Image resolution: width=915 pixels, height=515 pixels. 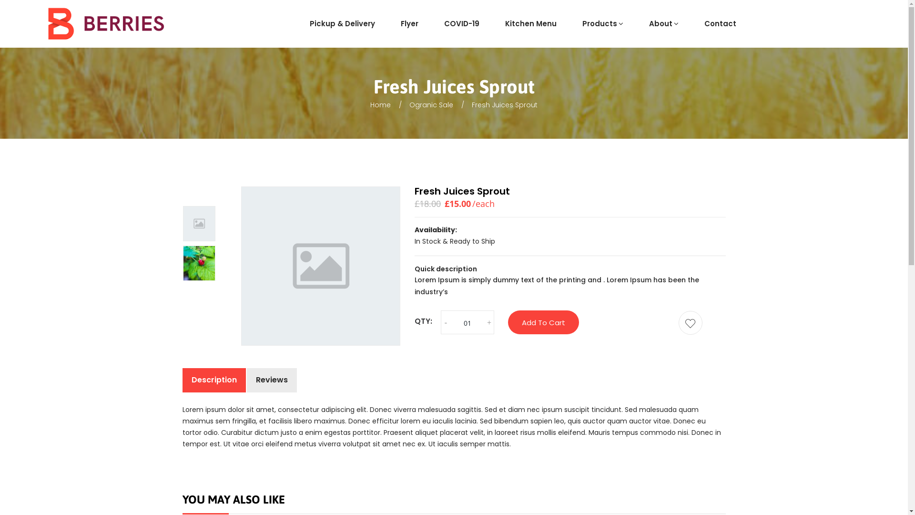 I want to click on 'blog-1', so click(x=198, y=263).